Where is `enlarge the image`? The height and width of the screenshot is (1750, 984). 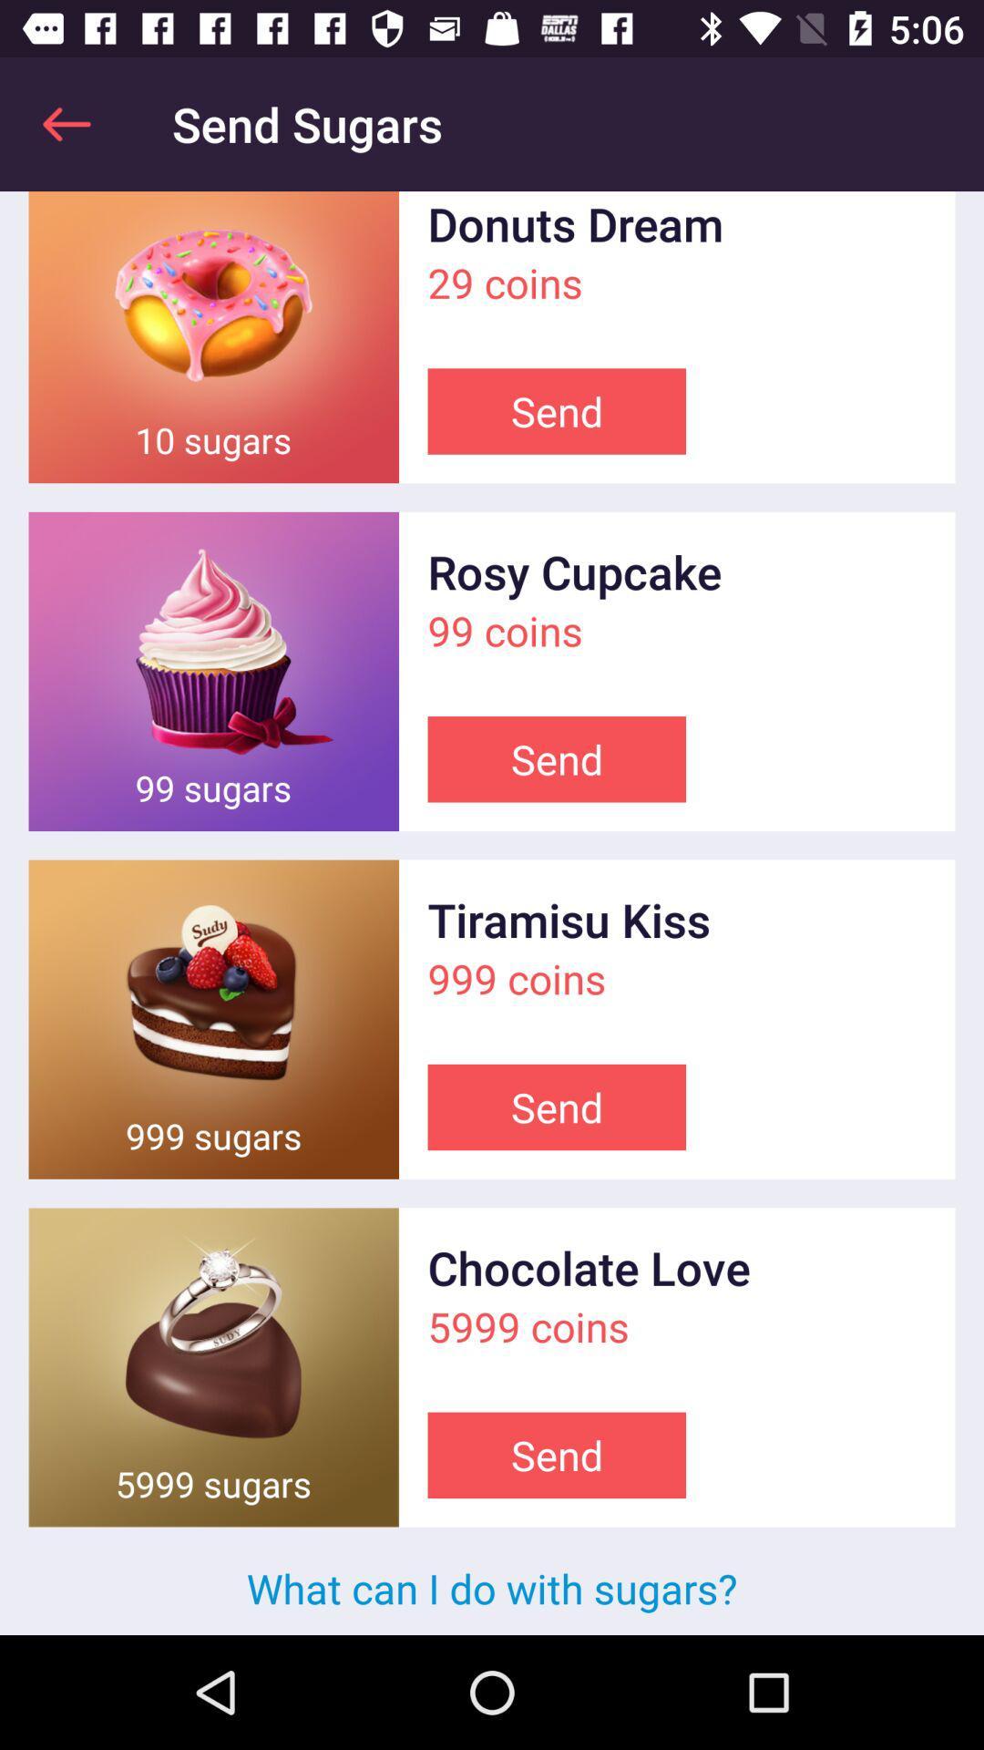
enlarge the image is located at coordinates (212, 670).